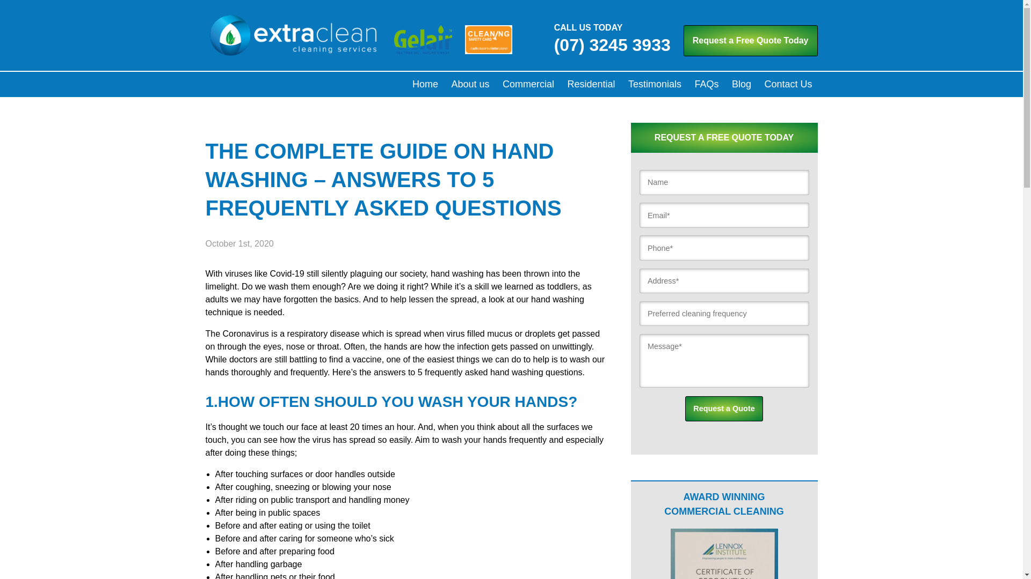  I want to click on 'Contact Us', so click(758, 84).